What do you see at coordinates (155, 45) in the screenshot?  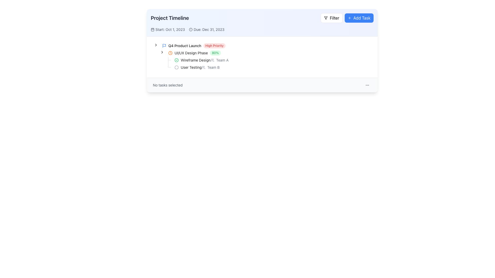 I see `the arrow-shaped Expand/collapse toggle icon located to the left of the text 'Q4 Product Launch High Priority'` at bounding box center [155, 45].